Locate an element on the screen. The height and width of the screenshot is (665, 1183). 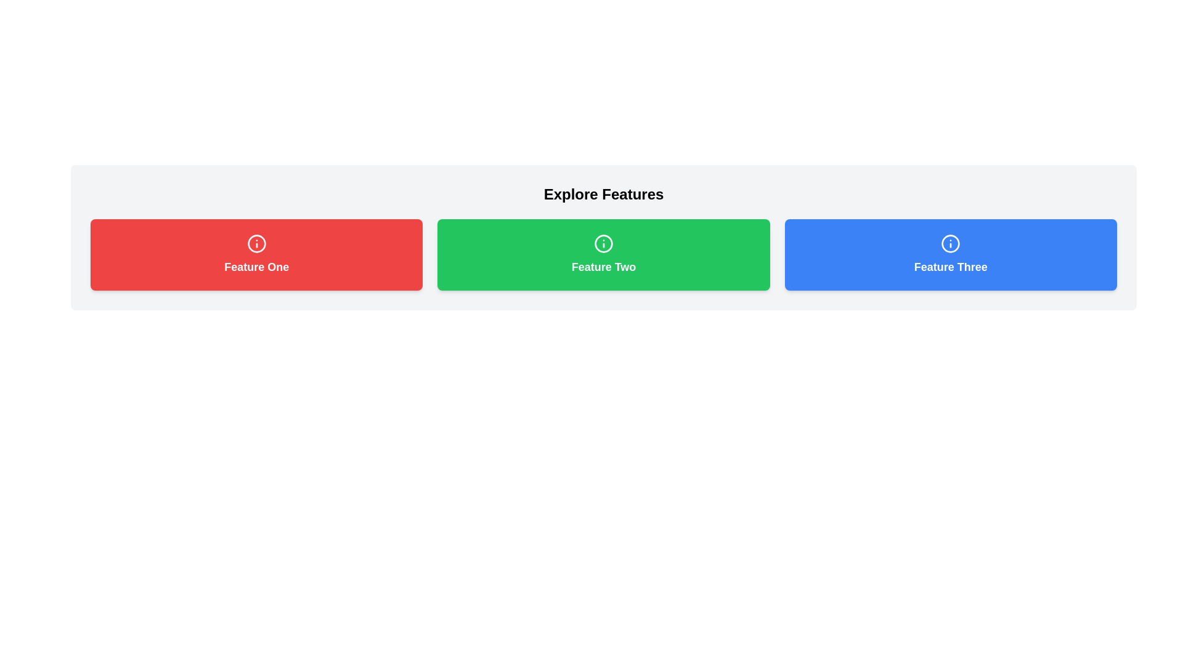
the text label 'Feature Three' which is styled with bold typography and is located inside a blue card at the far-right of a group of three cards is located at coordinates (950, 267).